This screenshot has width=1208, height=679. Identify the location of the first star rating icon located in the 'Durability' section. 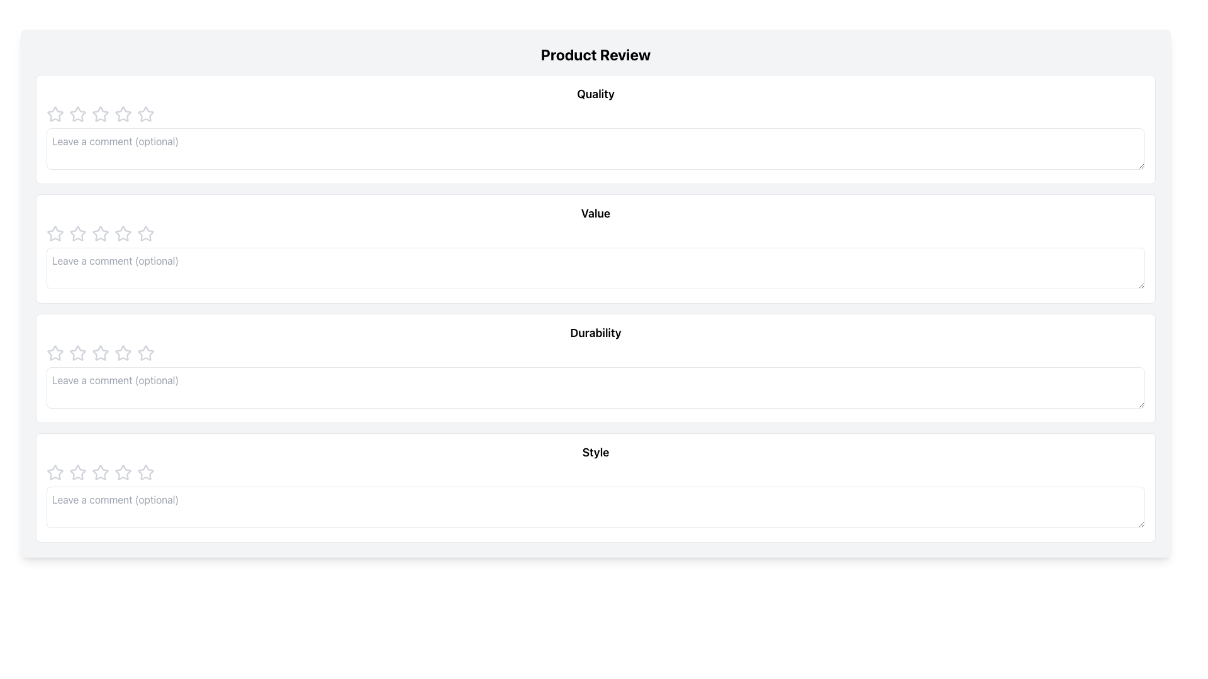
(54, 353).